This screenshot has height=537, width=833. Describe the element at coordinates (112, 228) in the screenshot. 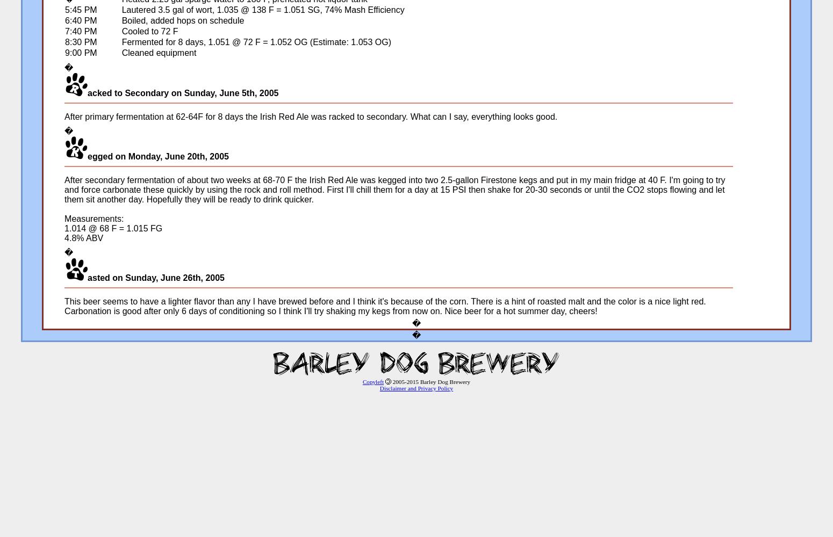

I see `'1.014 @ 68 F = 1.015 FG'` at that location.